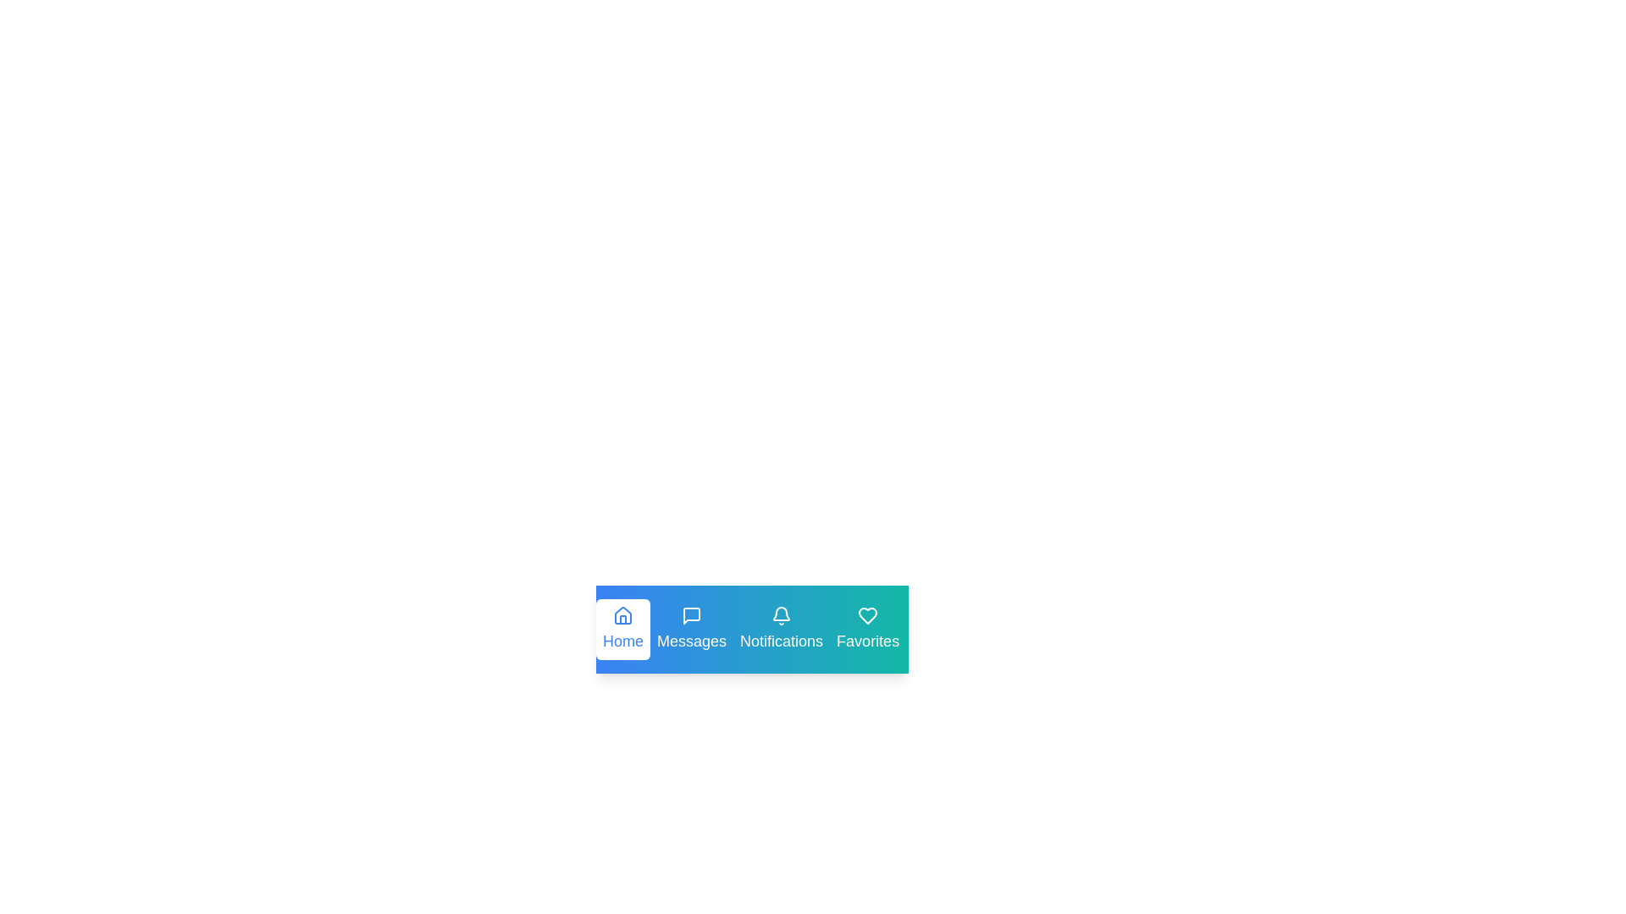 The height and width of the screenshot is (914, 1626). Describe the element at coordinates (622, 630) in the screenshot. I see `the tab labeled Home to preview its interaction` at that location.